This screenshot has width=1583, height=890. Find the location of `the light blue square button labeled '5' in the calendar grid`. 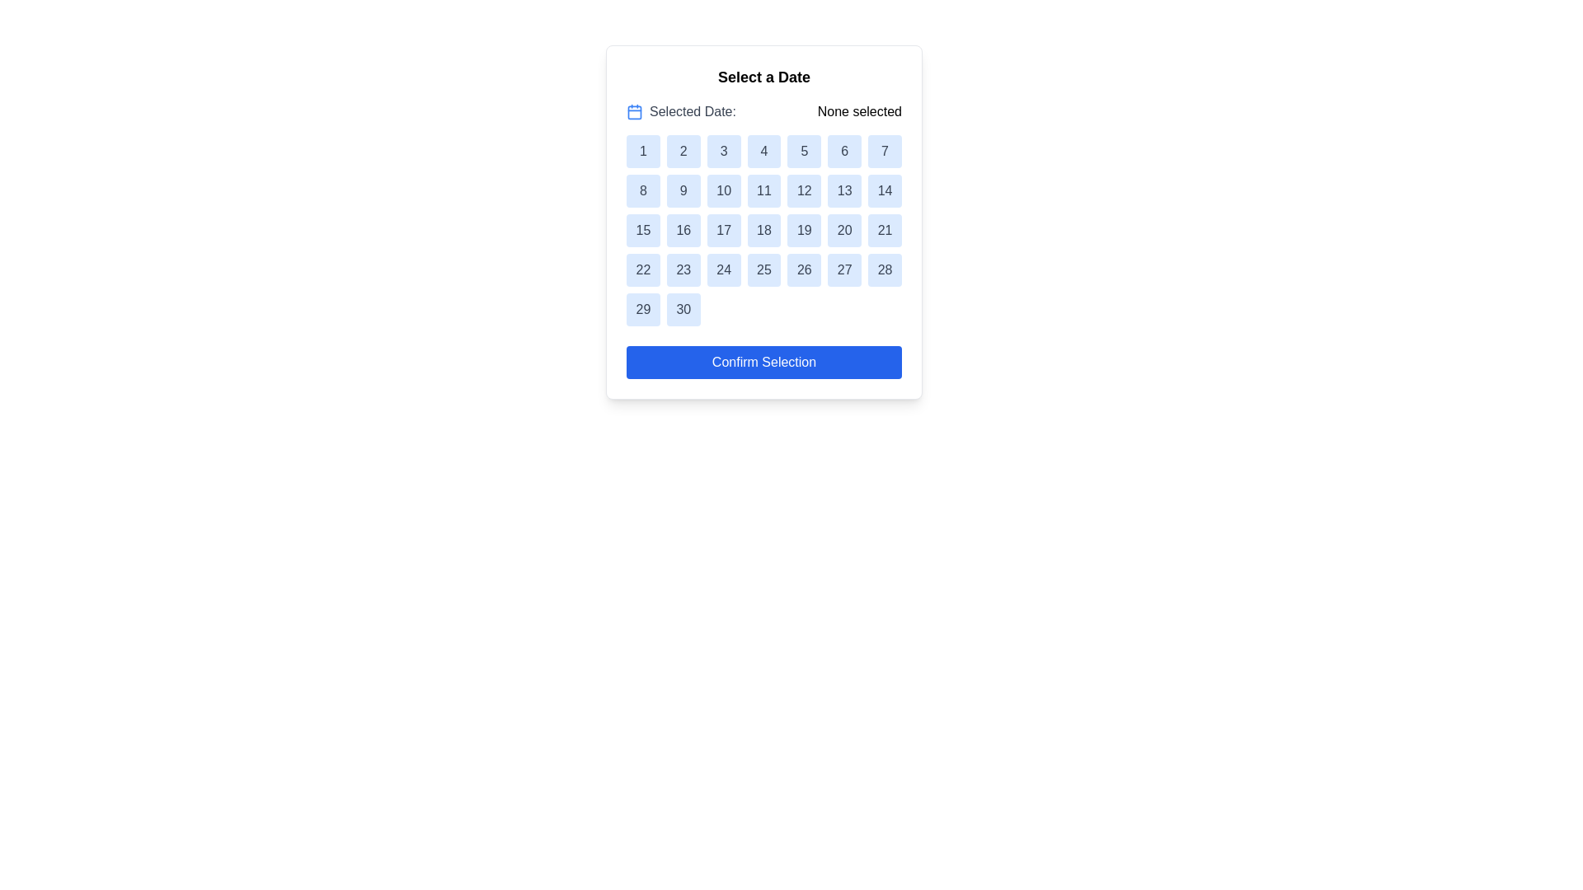

the light blue square button labeled '5' in the calendar grid is located at coordinates (804, 152).